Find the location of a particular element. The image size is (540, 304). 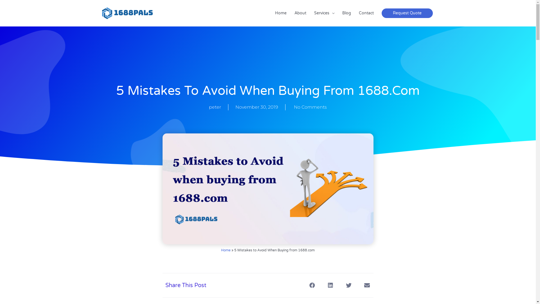

'November 30, 2019' is located at coordinates (256, 107).